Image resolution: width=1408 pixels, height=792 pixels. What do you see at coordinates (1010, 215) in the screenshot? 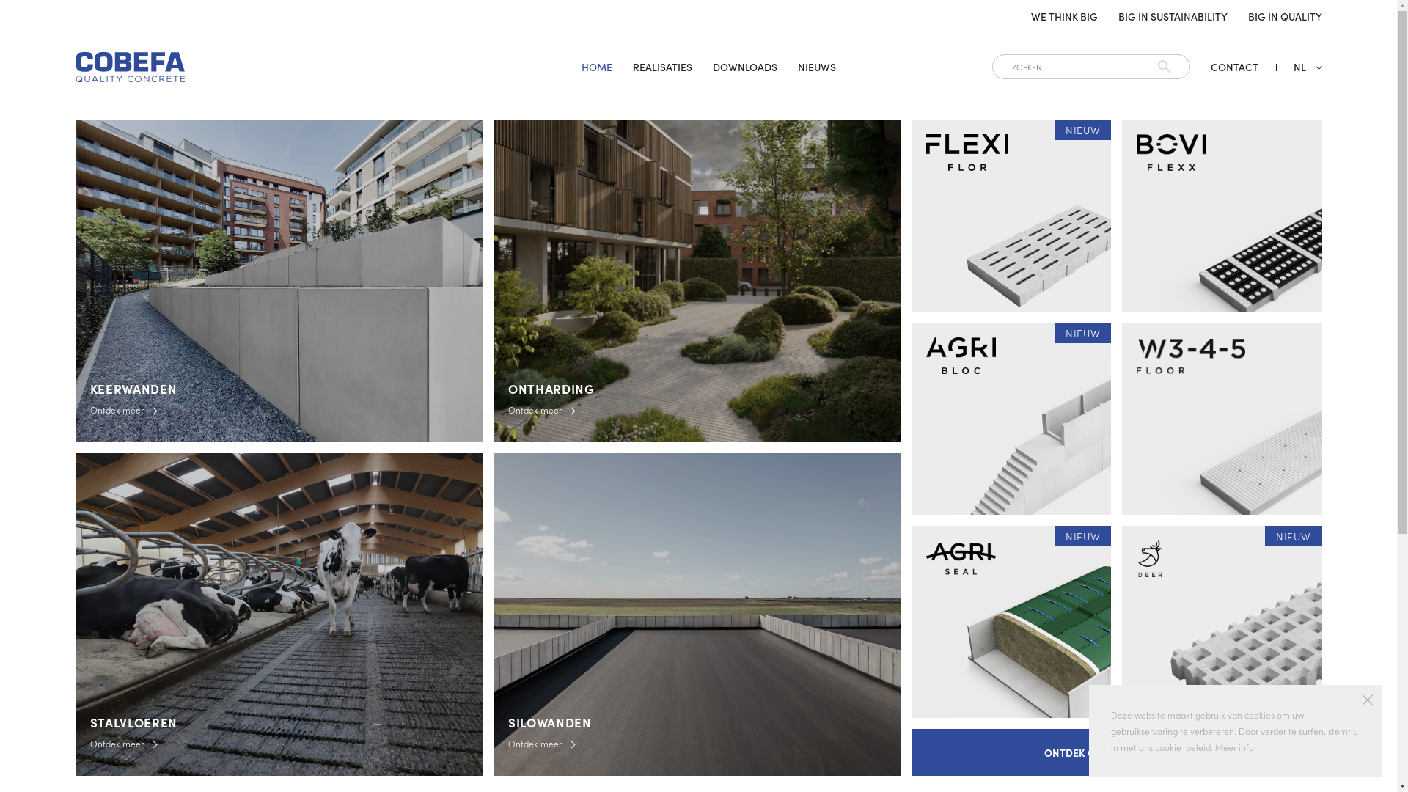
I see `'NIEUW'` at bounding box center [1010, 215].